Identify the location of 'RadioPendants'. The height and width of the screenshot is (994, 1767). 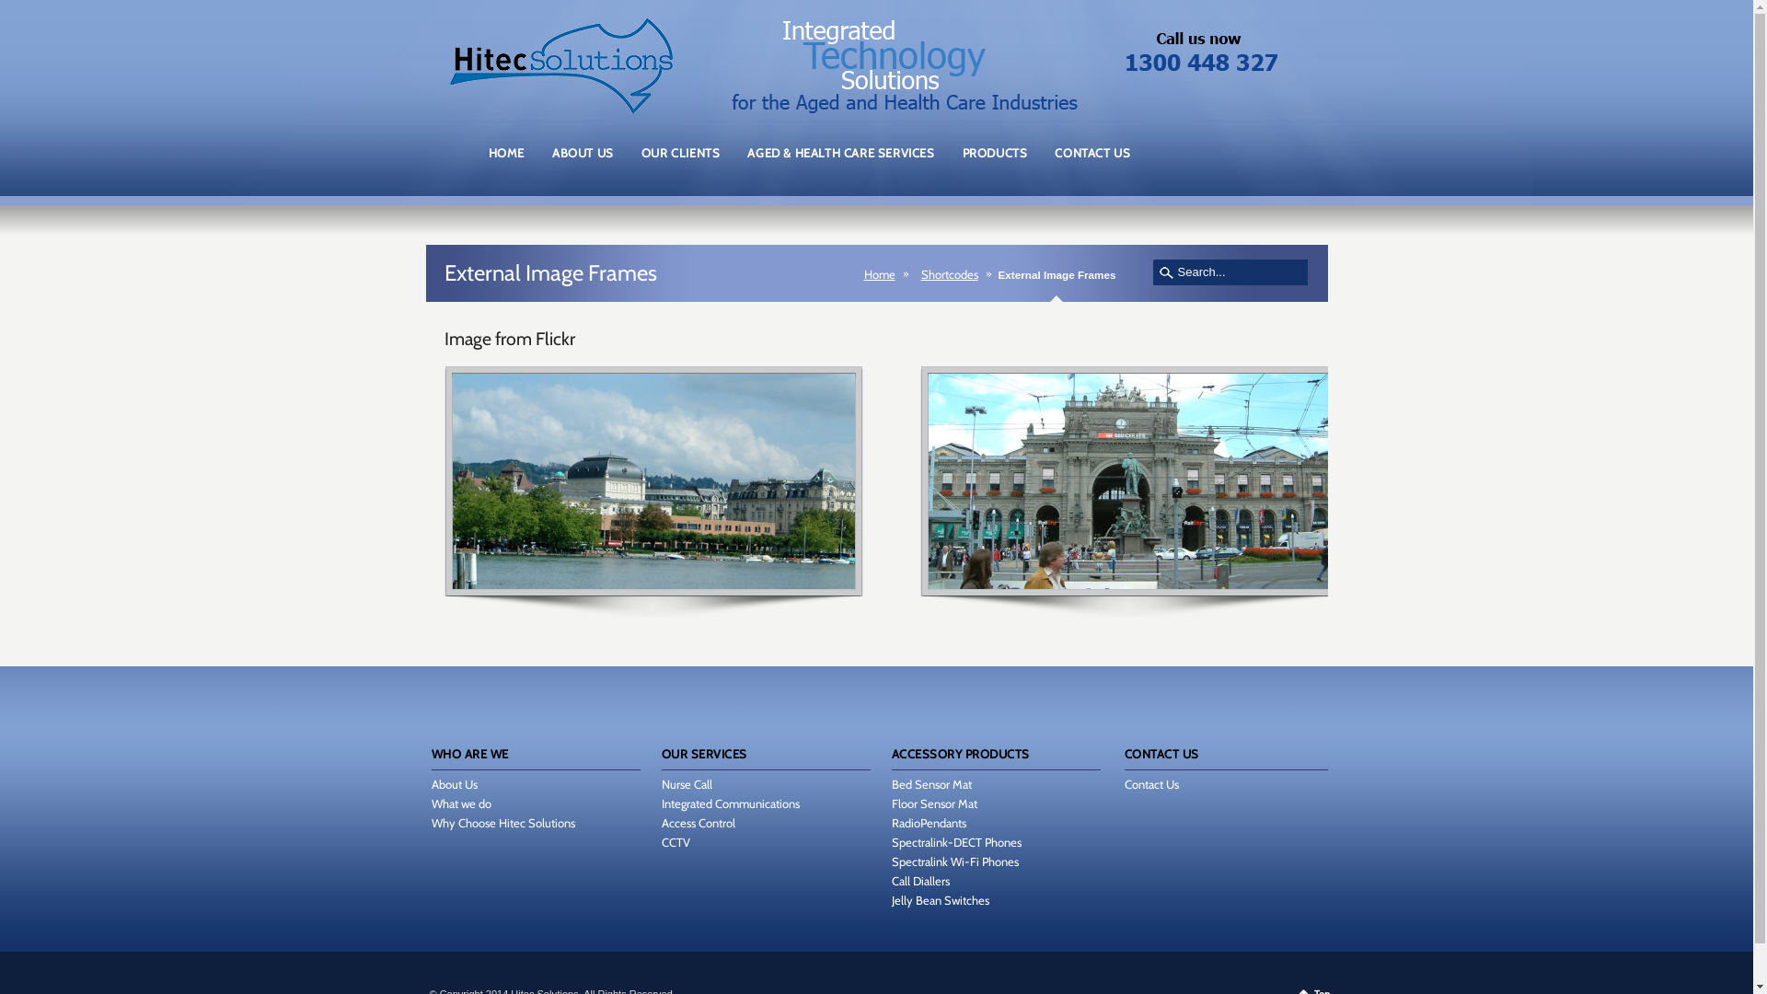
(928, 822).